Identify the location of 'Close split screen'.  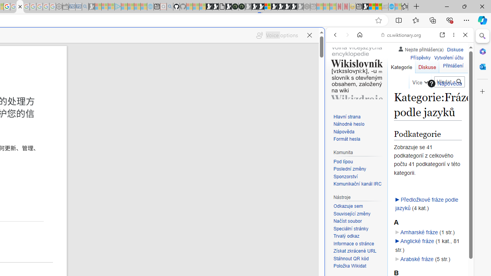
(324, 39).